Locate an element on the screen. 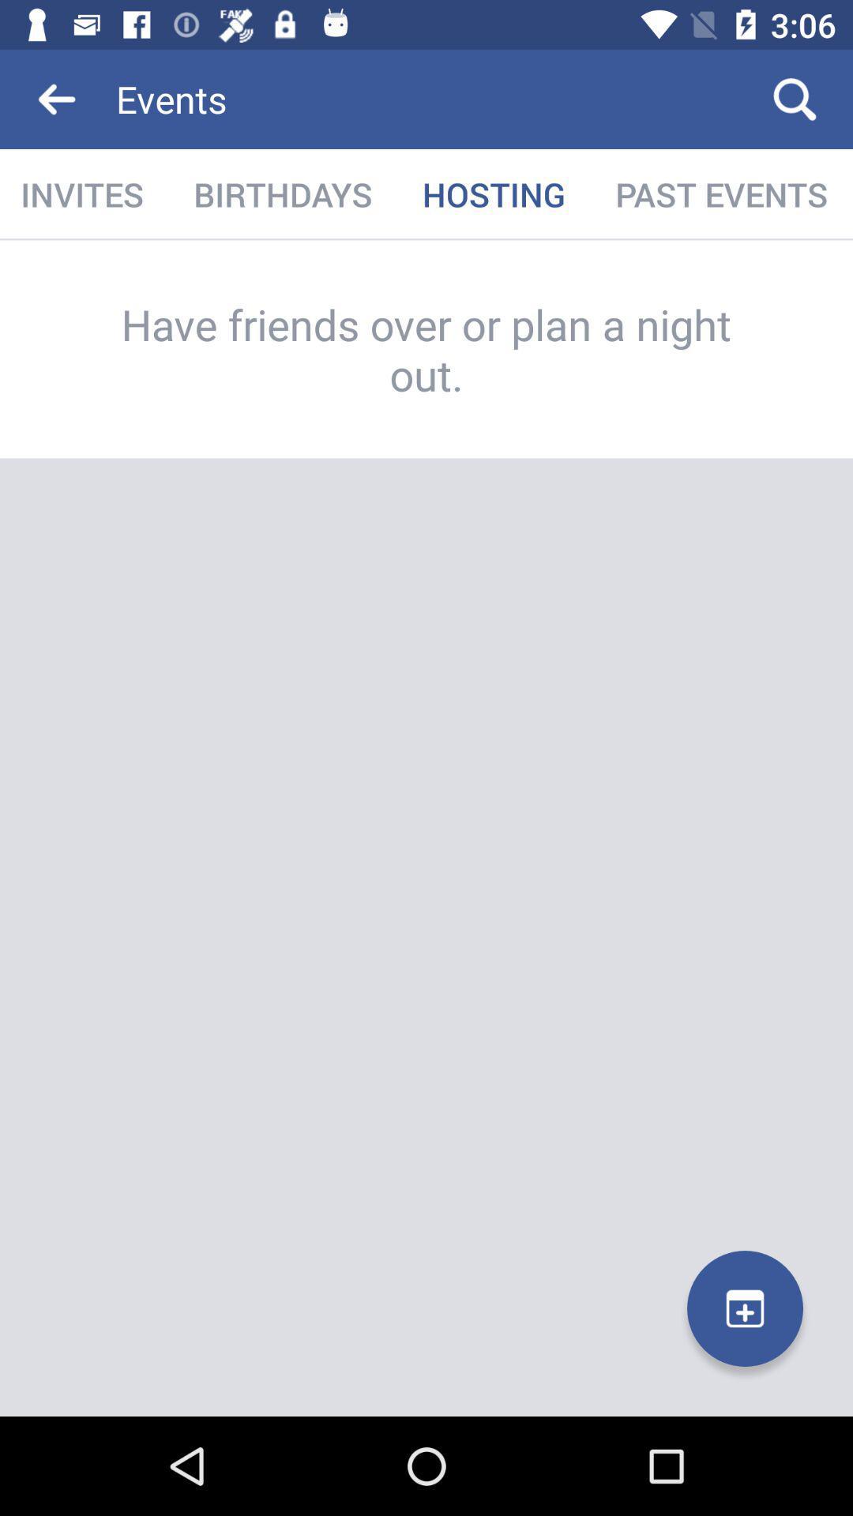  the item at the bottom right corner is located at coordinates (745, 1308).